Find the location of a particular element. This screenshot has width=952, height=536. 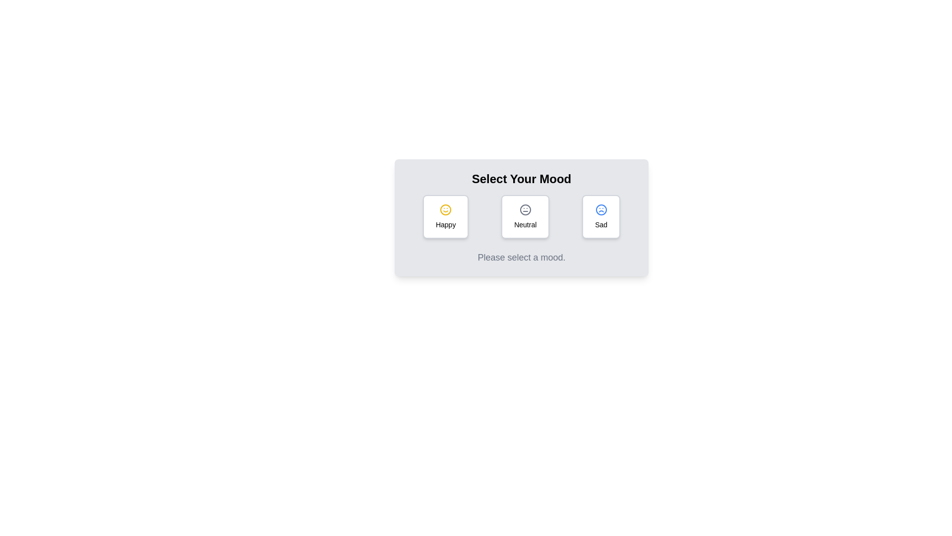

the static text label displaying 'Happy', which is positioned beneath a yellow smiling emoji icon in the leftmost mood selection card is located at coordinates (445, 224).